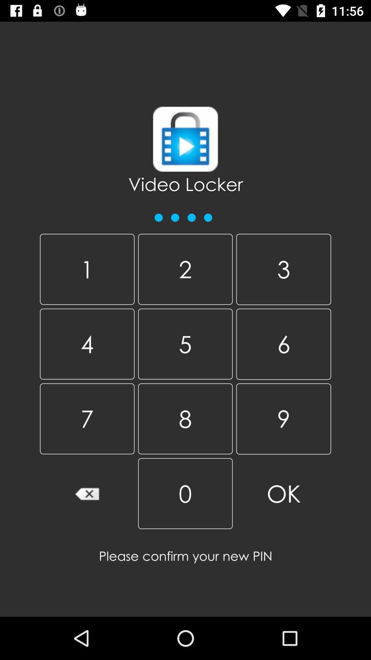 This screenshot has width=371, height=660. Describe the element at coordinates (185, 344) in the screenshot. I see `the item above 7 icon` at that location.